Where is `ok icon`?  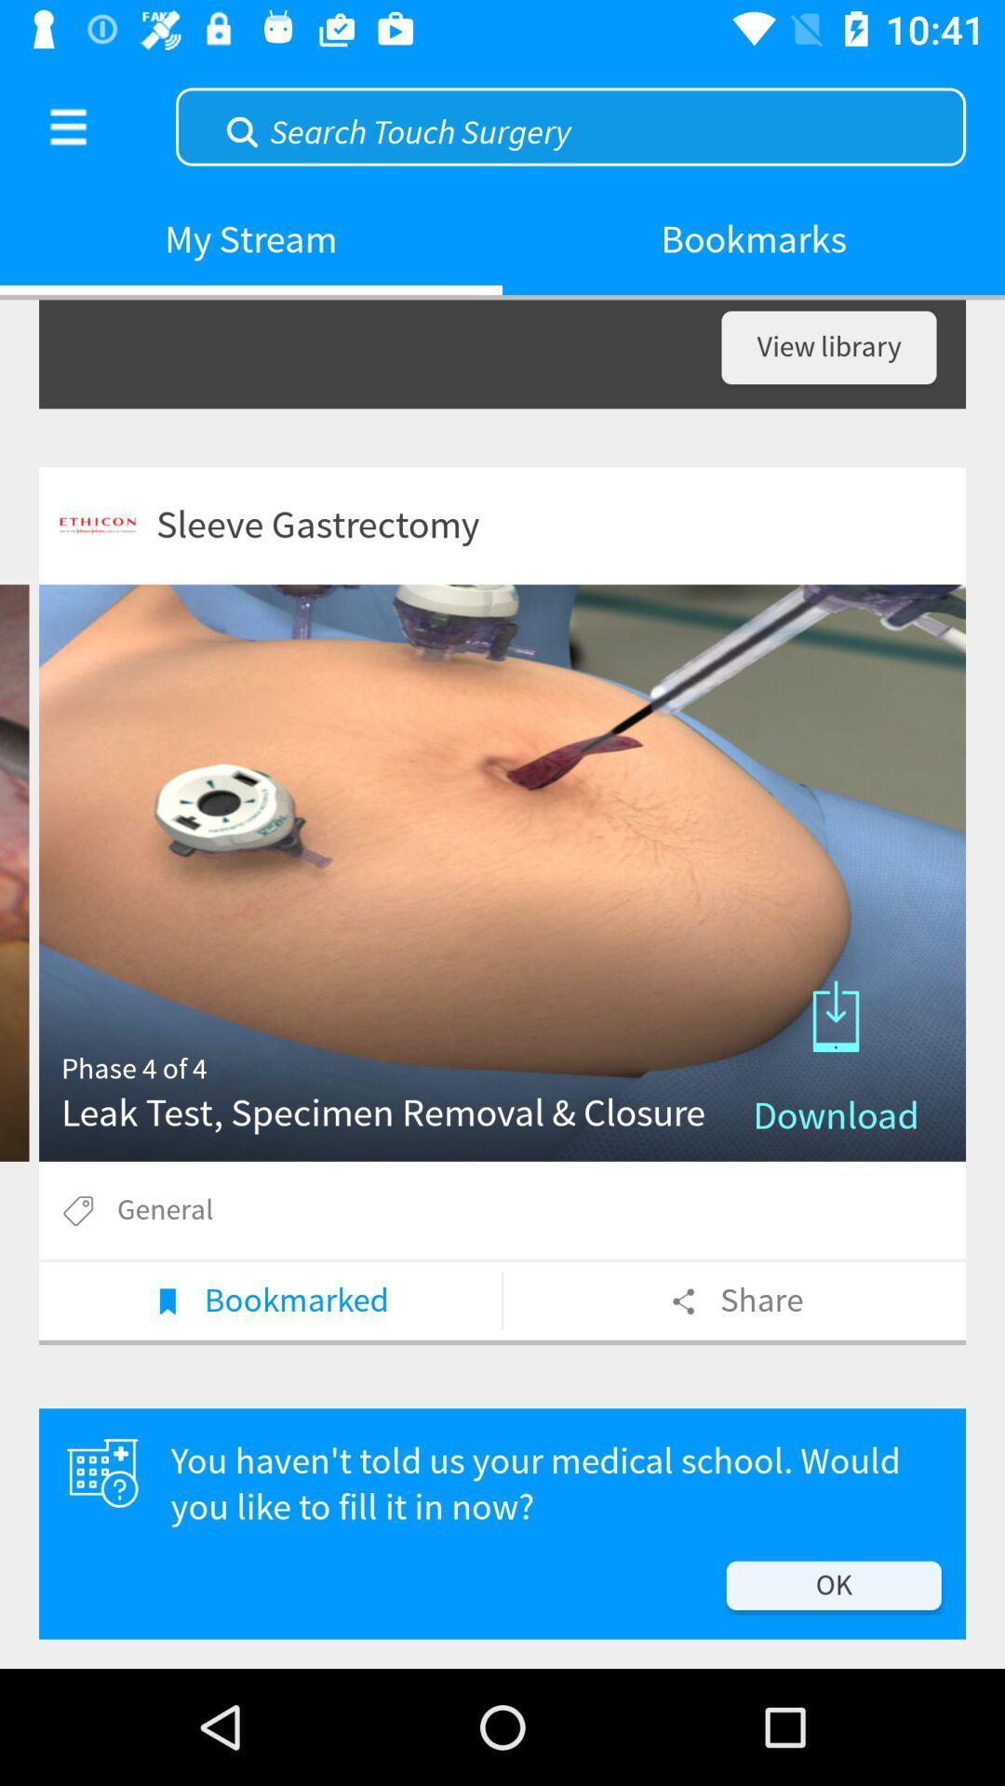 ok icon is located at coordinates (833, 1584).